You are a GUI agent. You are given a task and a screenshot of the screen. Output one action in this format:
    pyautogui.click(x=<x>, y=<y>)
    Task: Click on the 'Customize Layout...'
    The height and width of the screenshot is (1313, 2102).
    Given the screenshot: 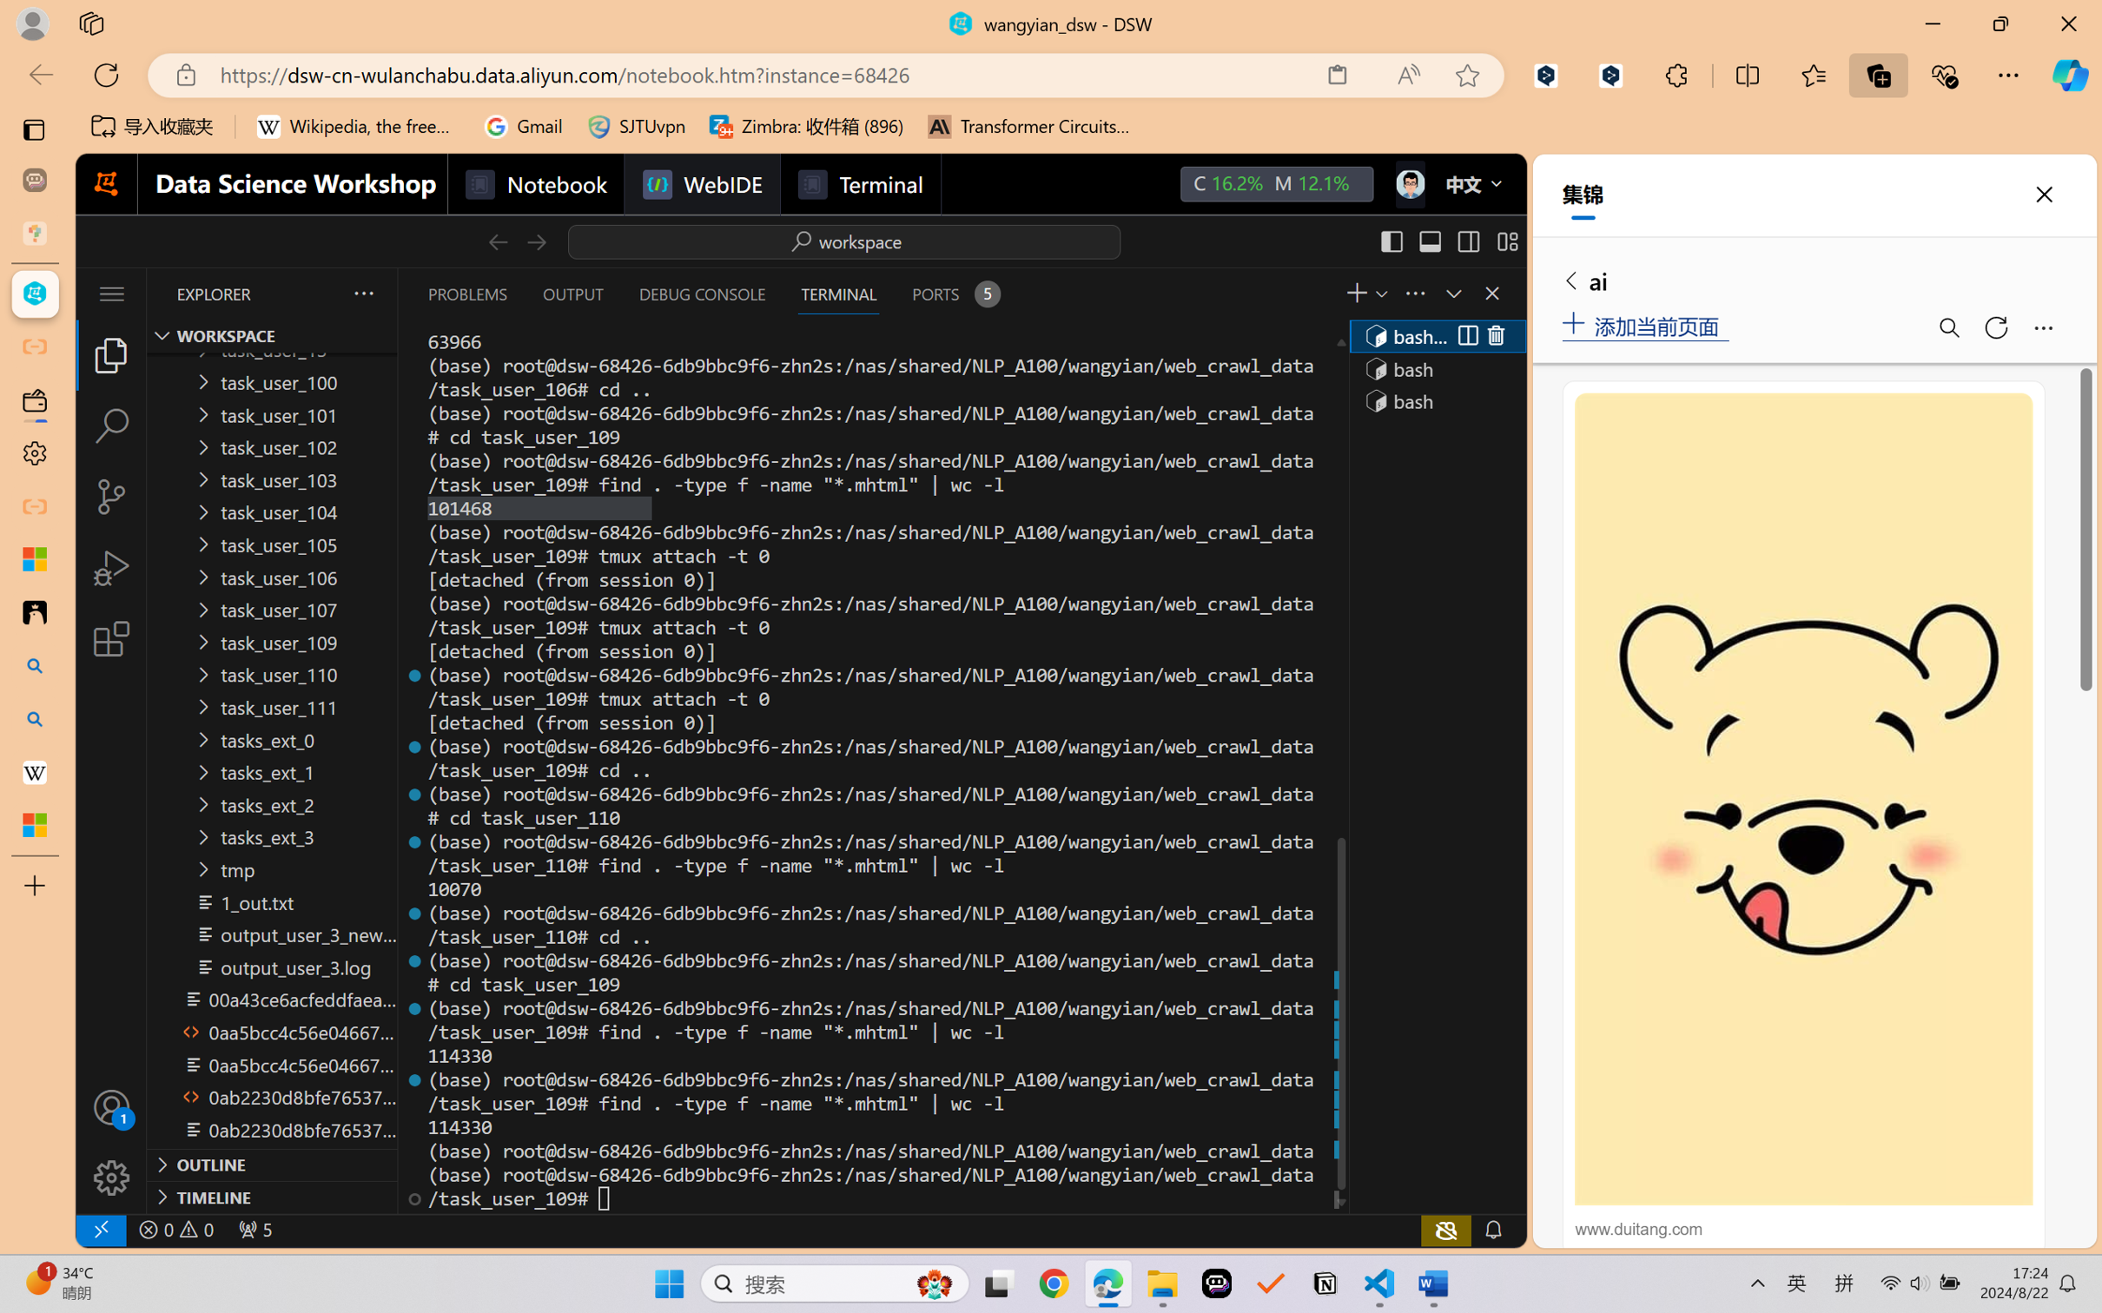 What is the action you would take?
    pyautogui.click(x=1506, y=241)
    